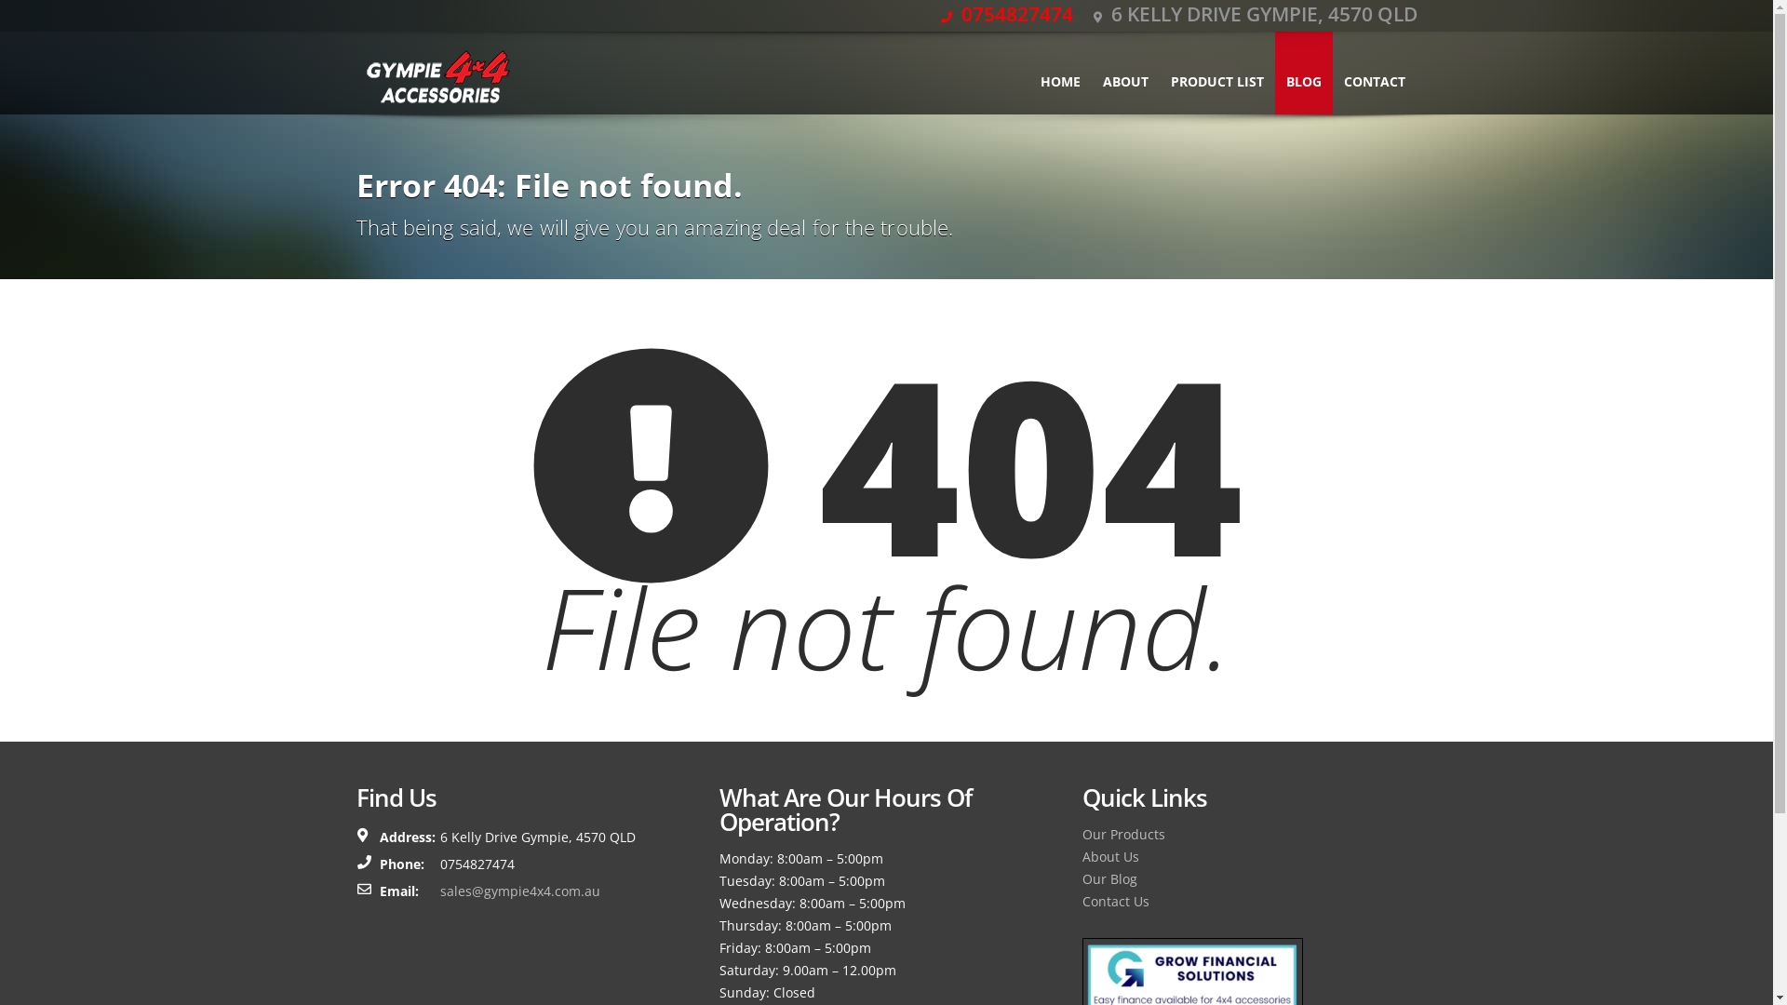 The width and height of the screenshot is (1787, 1005). Describe the element at coordinates (1108, 878) in the screenshot. I see `'Our Blog'` at that location.